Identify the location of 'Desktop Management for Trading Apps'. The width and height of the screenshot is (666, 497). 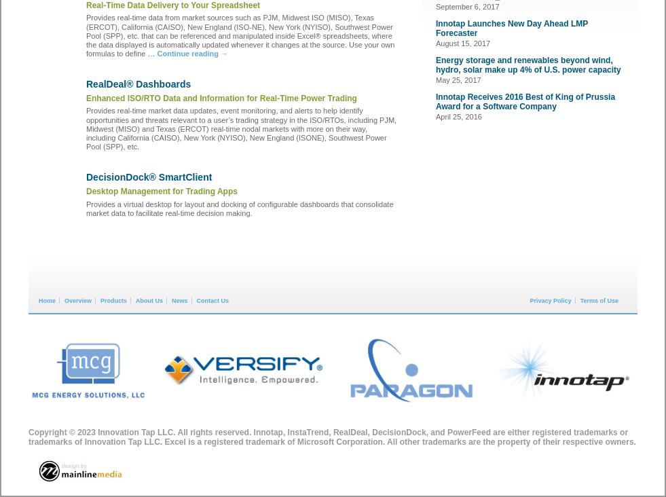
(160, 191).